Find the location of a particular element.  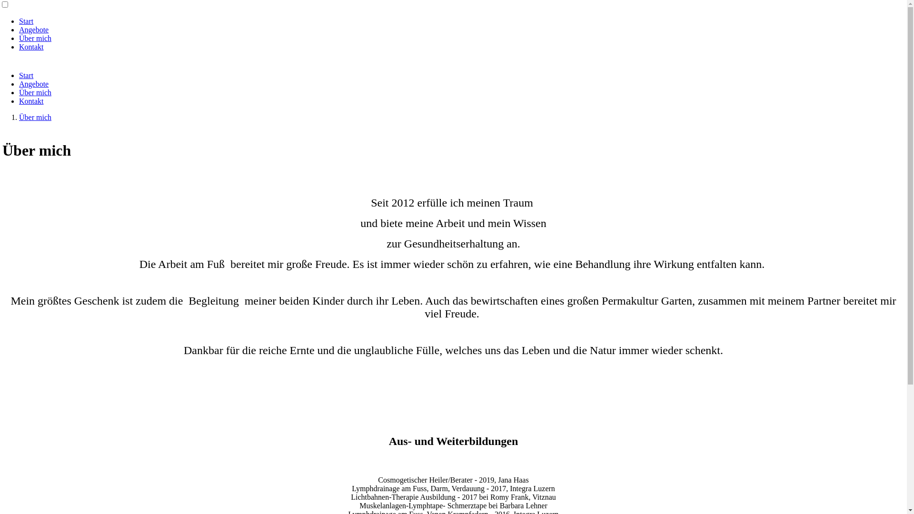

'Kontakt' is located at coordinates (31, 47).